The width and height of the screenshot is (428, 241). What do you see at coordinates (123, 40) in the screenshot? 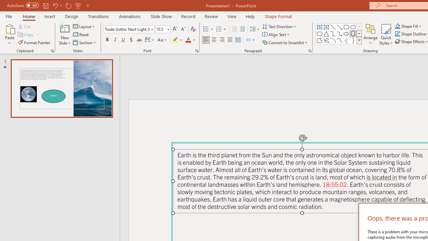
I see `'Underline'` at bounding box center [123, 40].